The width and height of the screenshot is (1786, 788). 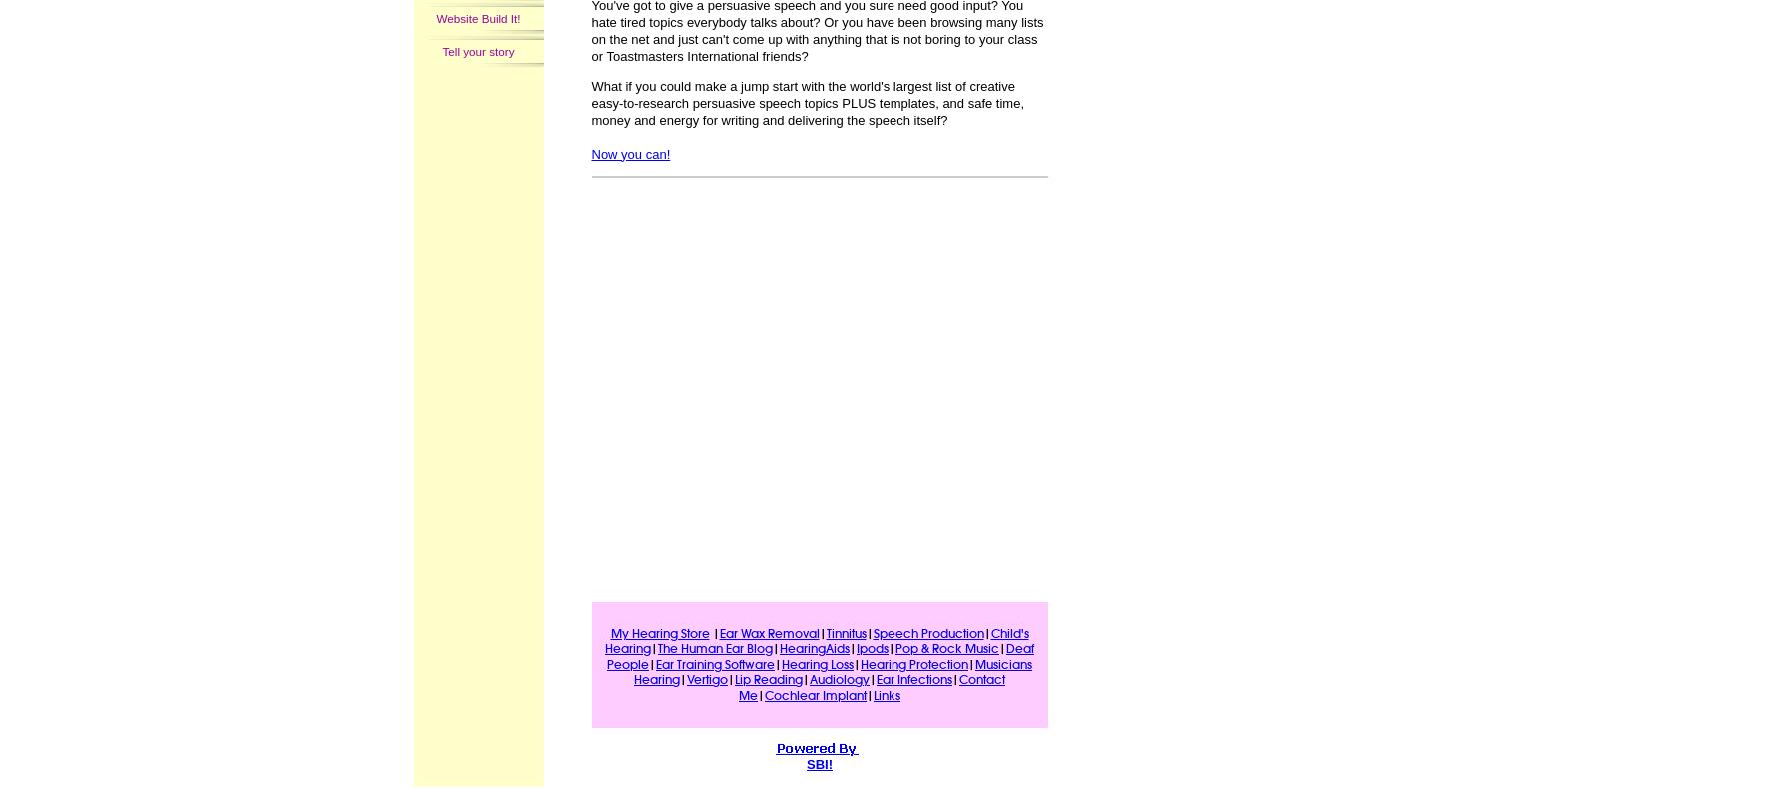 What do you see at coordinates (845, 631) in the screenshot?
I see `'Tinnitus'` at bounding box center [845, 631].